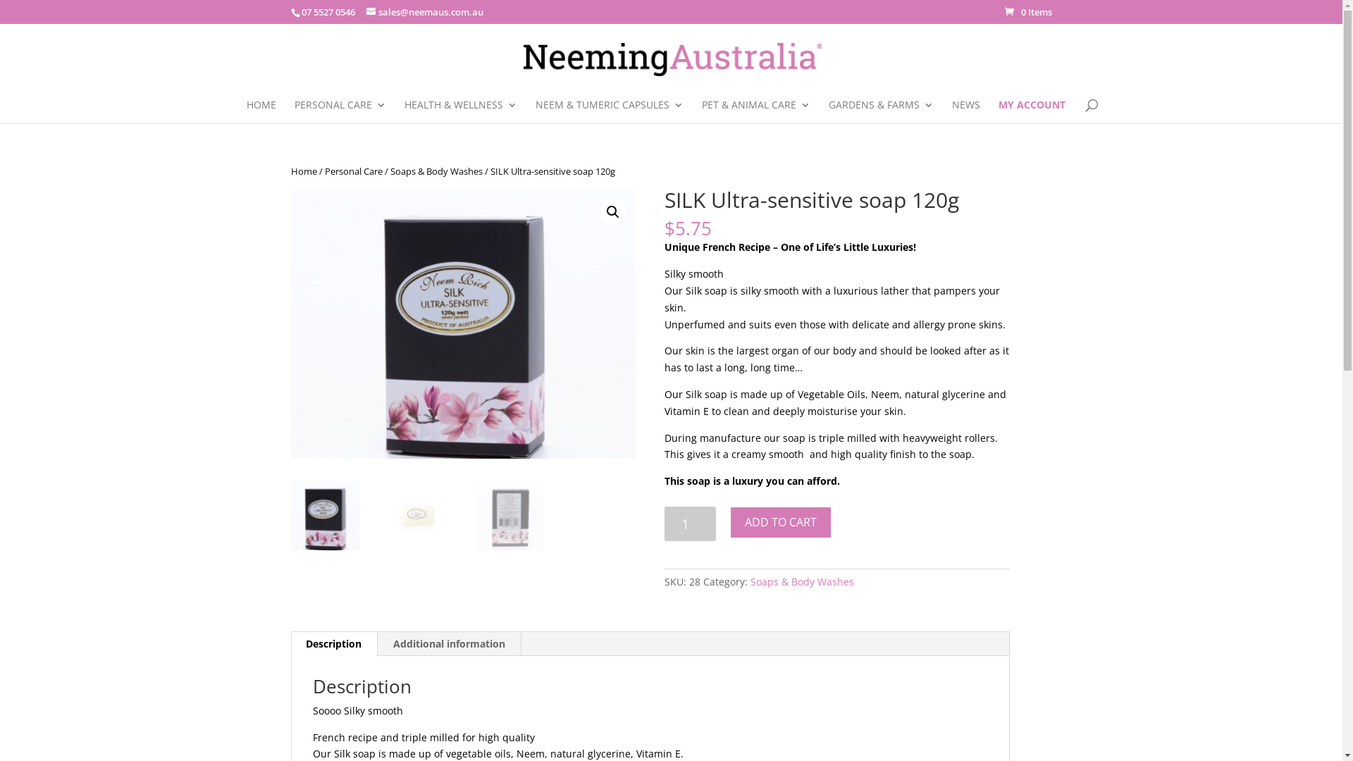 The image size is (1353, 761). What do you see at coordinates (261, 111) in the screenshot?
I see `'HOME'` at bounding box center [261, 111].